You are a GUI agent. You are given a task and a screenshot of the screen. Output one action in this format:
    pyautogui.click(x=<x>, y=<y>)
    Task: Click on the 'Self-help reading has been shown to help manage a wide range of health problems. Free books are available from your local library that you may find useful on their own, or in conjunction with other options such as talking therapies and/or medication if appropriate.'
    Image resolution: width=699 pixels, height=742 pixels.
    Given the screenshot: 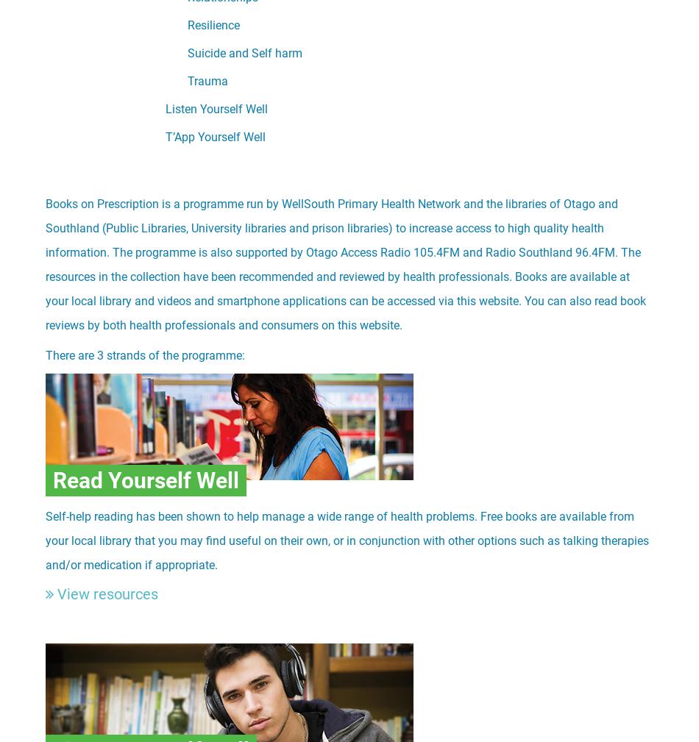 What is the action you would take?
    pyautogui.click(x=346, y=541)
    